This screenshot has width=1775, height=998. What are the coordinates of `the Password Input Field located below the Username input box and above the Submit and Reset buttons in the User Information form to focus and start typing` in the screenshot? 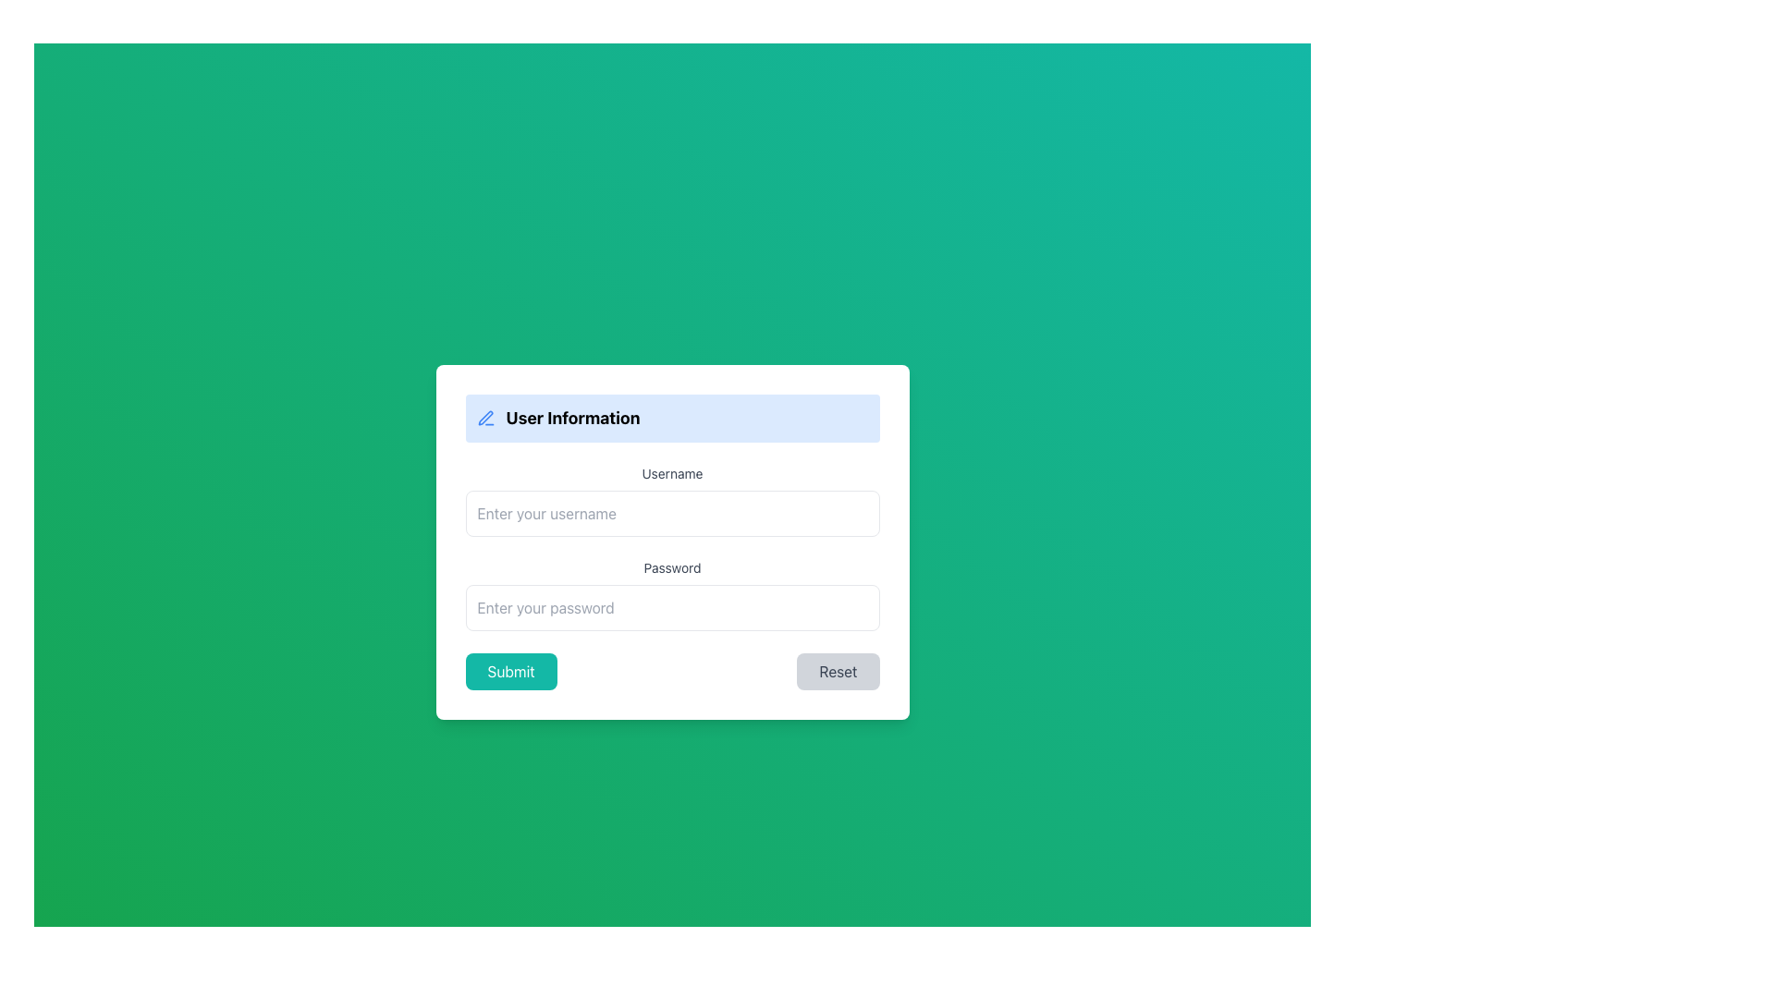 It's located at (671, 595).